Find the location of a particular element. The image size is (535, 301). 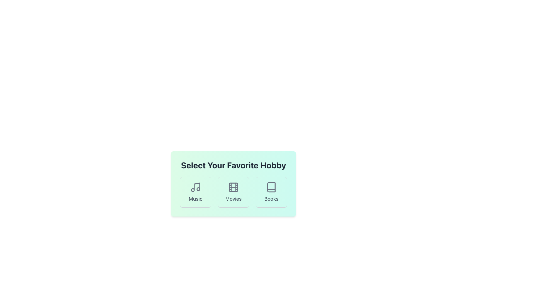

the third button in the row of three, which selects 'Books' as a category or preference is located at coordinates (271, 192).